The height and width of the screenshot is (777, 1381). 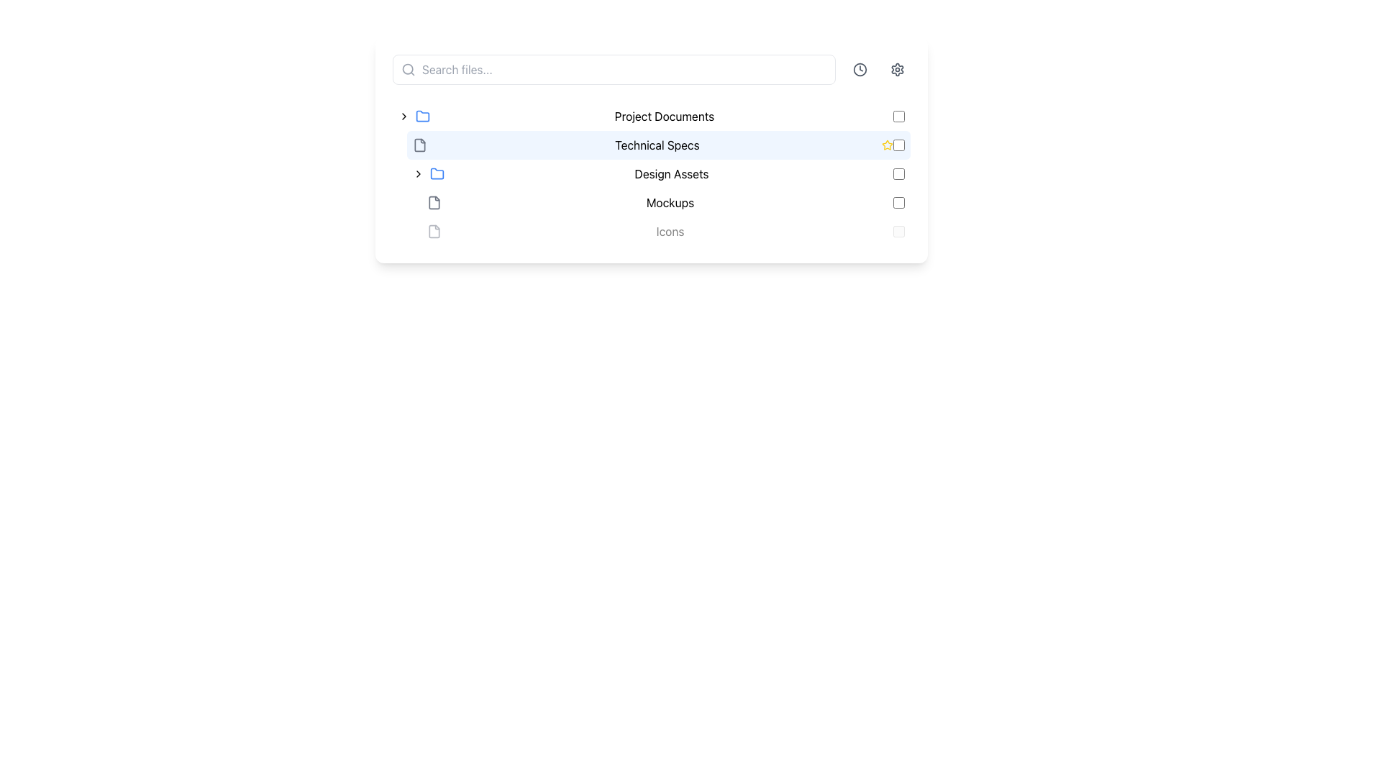 I want to click on the circular button with a clock icon at its center, so click(x=860, y=69).